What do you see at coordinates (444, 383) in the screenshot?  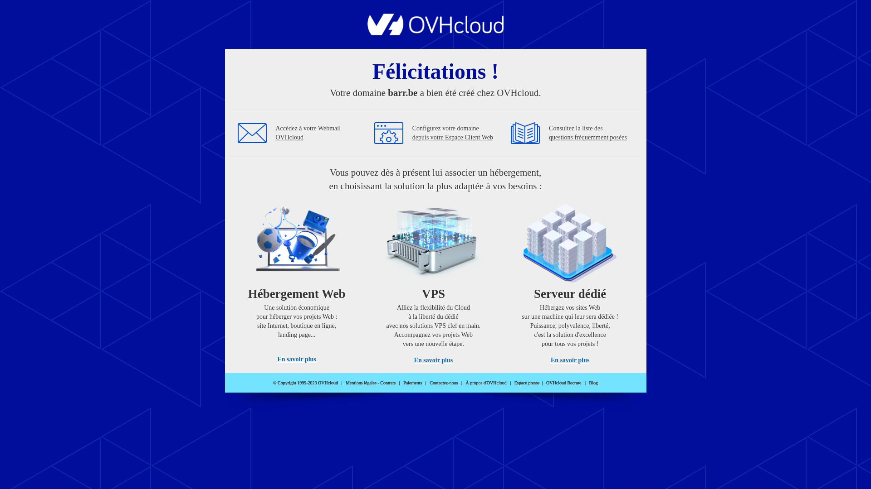 I see `'Contactez-nous'` at bounding box center [444, 383].